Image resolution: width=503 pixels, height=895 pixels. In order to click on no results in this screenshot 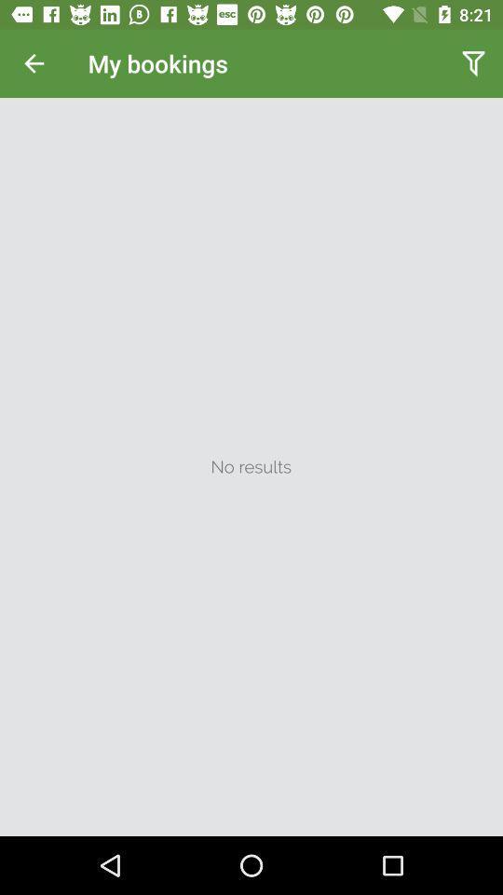, I will do `click(251, 466)`.